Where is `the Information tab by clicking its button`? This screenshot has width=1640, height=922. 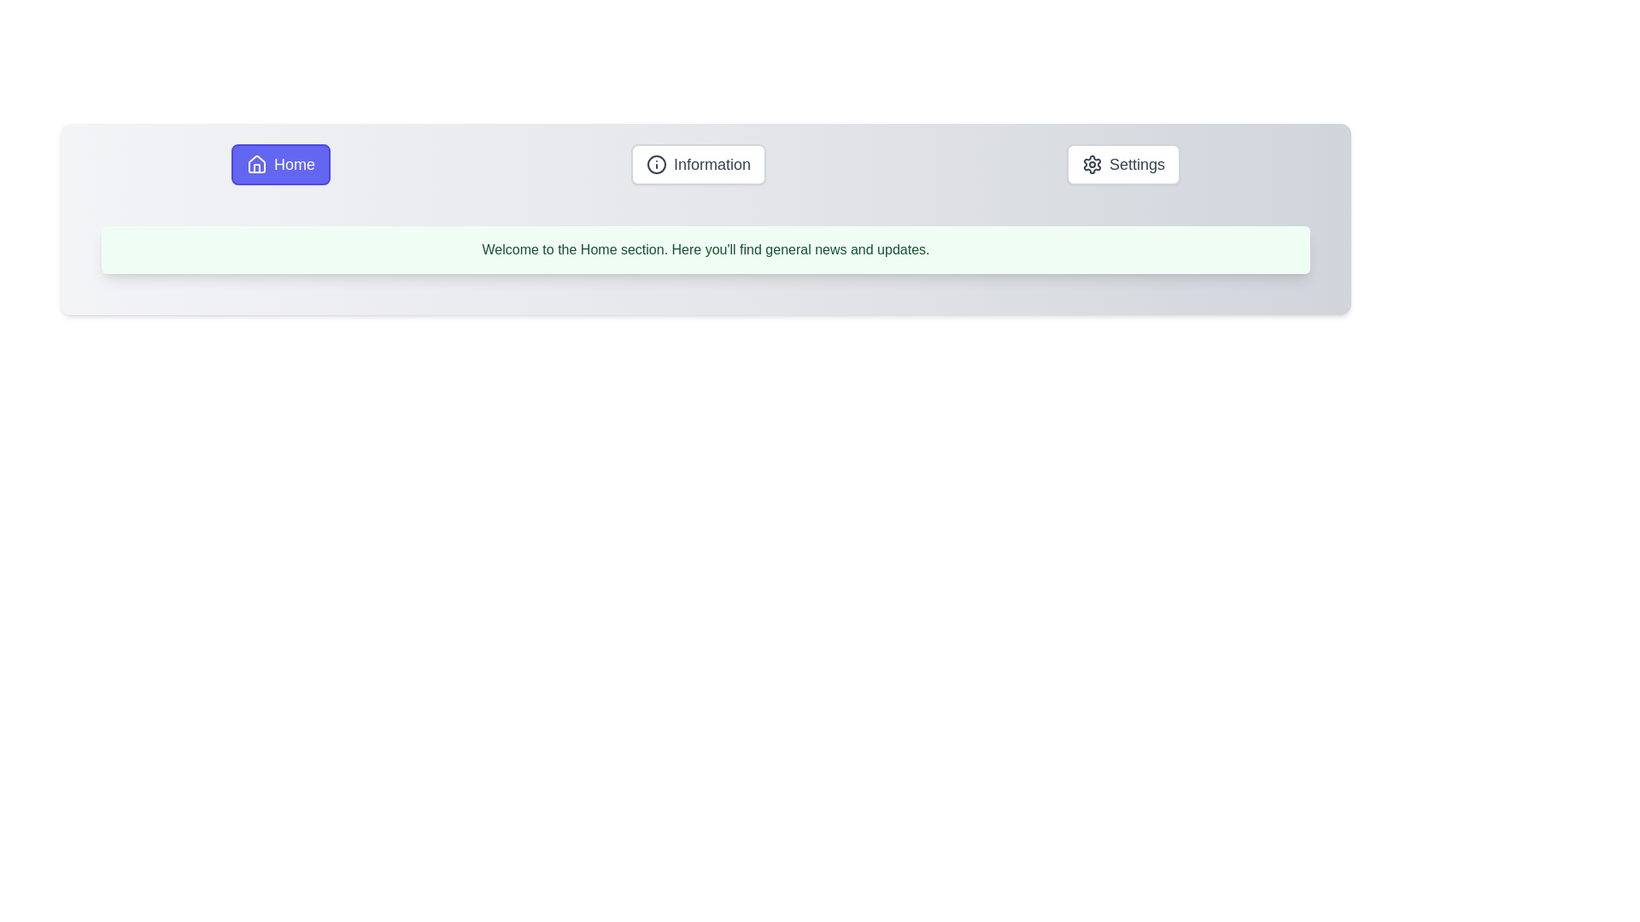
the Information tab by clicking its button is located at coordinates (698, 164).